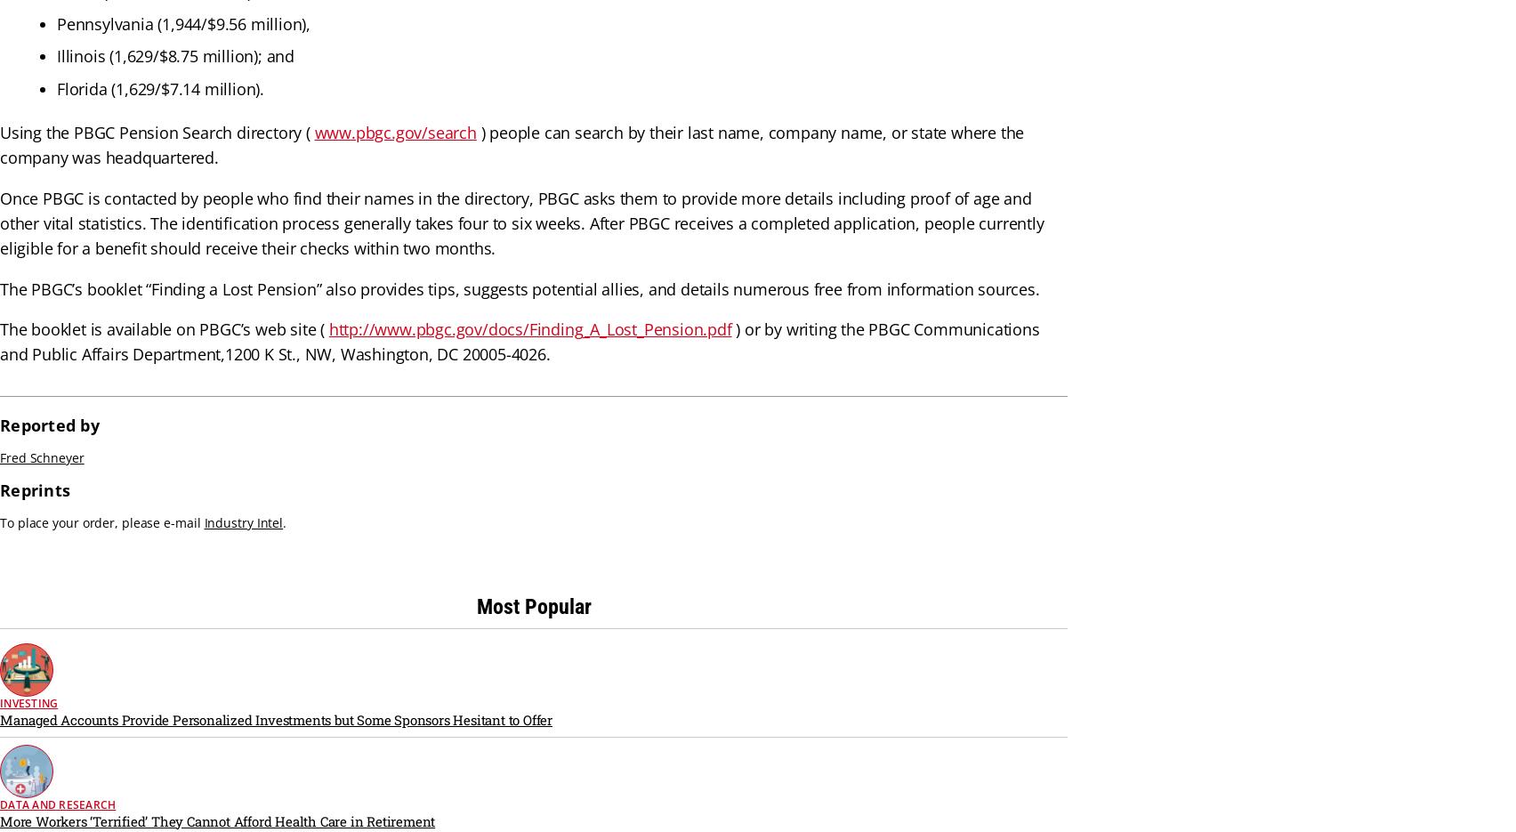 The height and width of the screenshot is (832, 1516). I want to click on '.', so click(284, 522).